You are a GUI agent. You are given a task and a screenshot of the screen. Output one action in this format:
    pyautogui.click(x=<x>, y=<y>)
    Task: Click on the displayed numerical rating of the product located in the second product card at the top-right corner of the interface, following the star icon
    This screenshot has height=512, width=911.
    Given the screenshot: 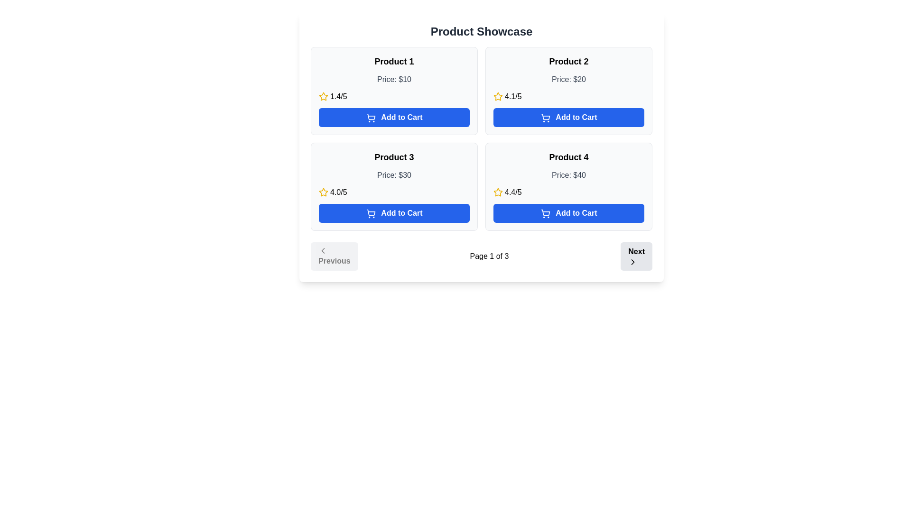 What is the action you would take?
    pyautogui.click(x=512, y=97)
    